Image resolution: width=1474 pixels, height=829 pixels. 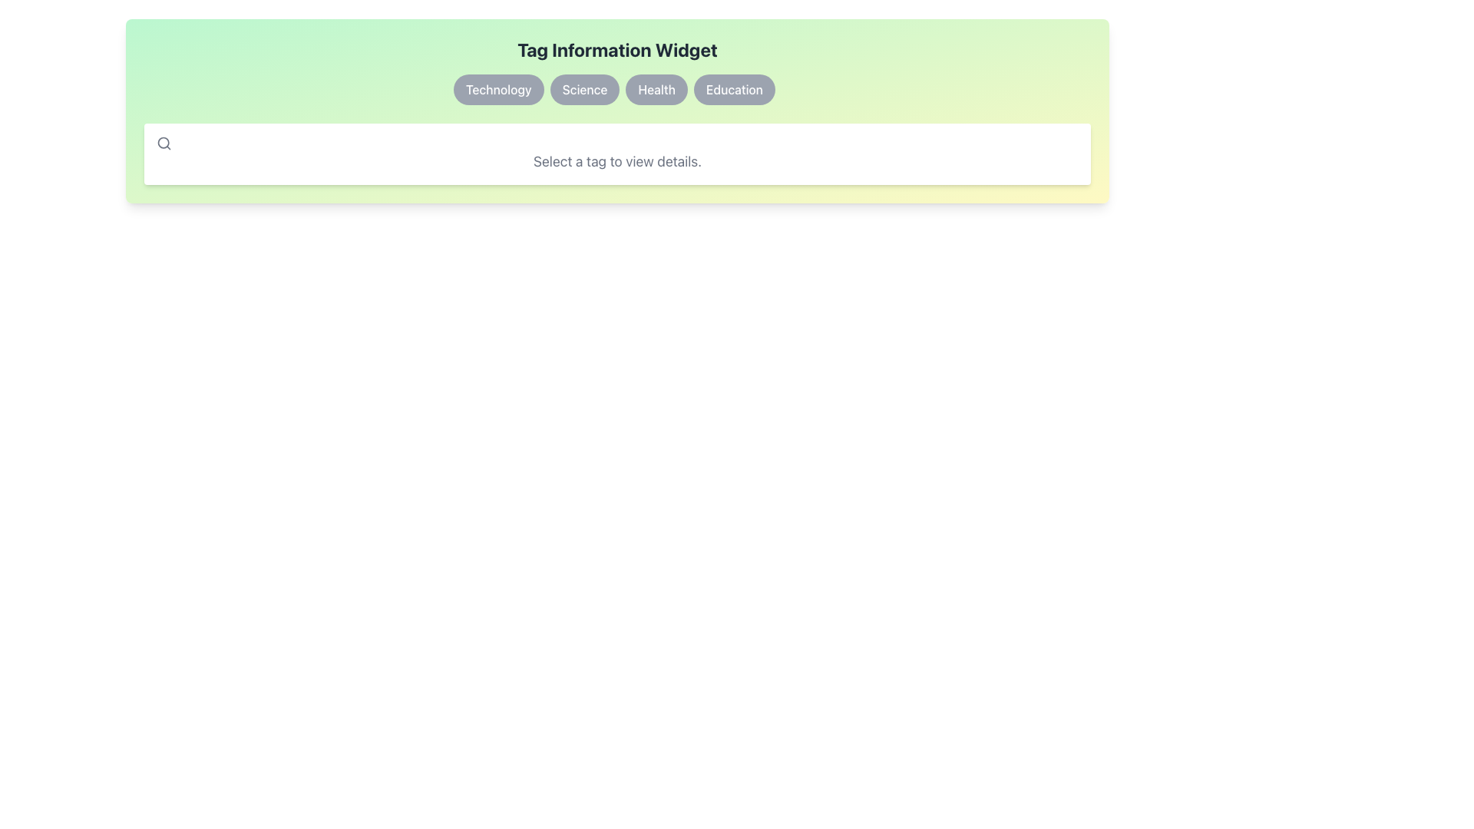 I want to click on the 'Science' tag button located within the group of interactive tag buttons in the Tag Information Widget, which is centrally positioned in a card-like UI component with a gradient green-yellow background, so click(x=617, y=89).